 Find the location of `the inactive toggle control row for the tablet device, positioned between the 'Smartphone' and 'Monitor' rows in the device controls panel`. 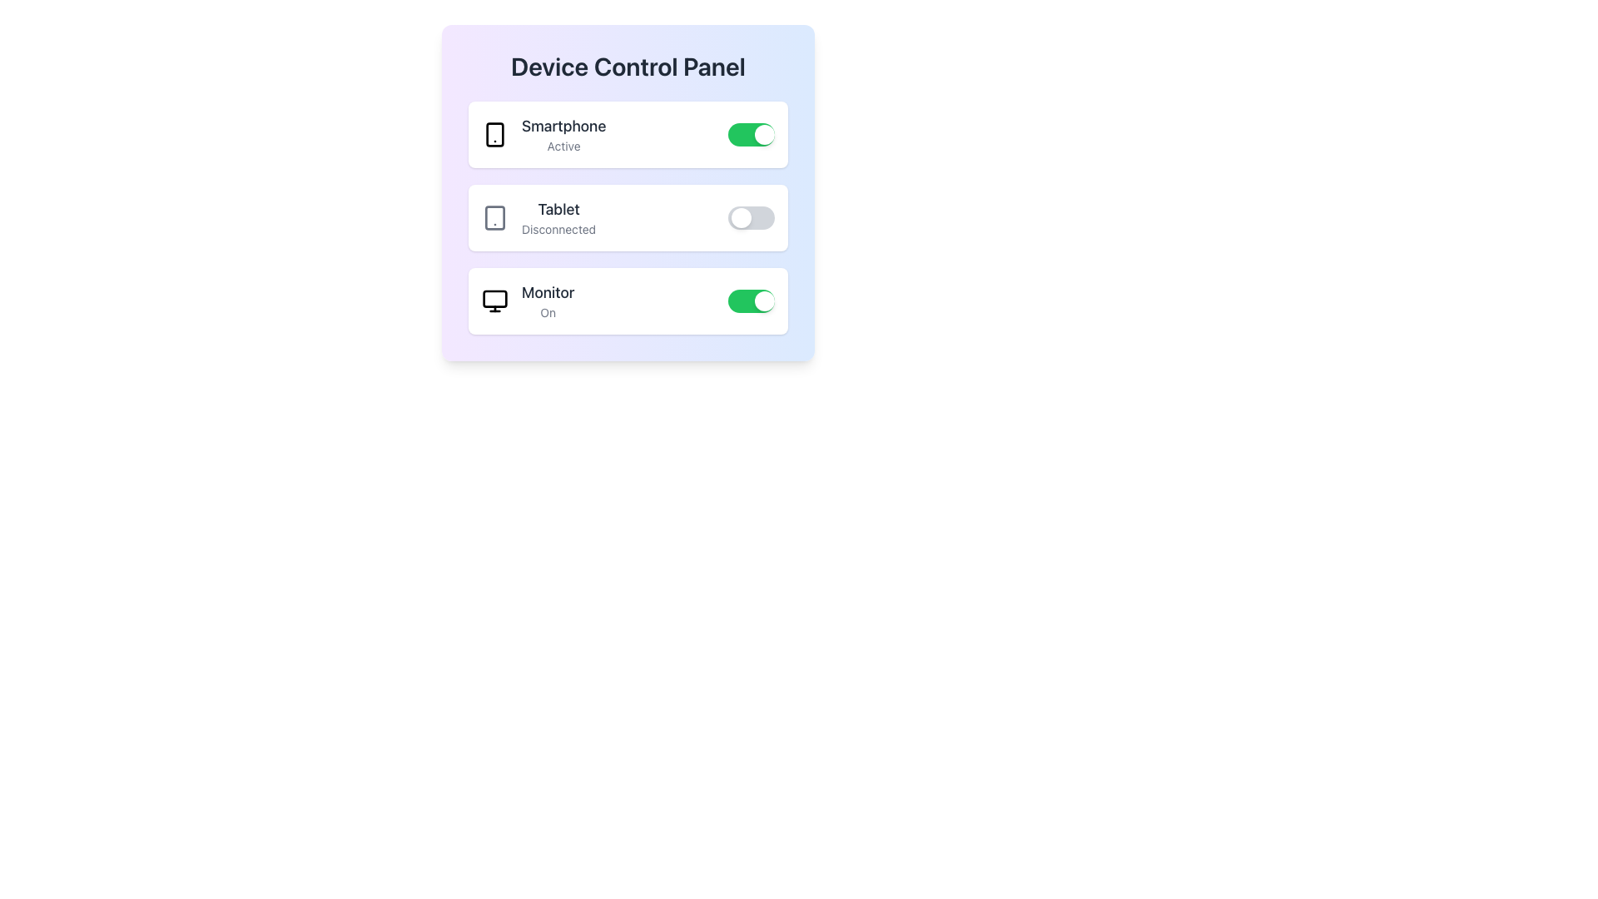

the inactive toggle control row for the tablet device, positioned between the 'Smartphone' and 'Monitor' rows in the device controls panel is located at coordinates (627, 191).